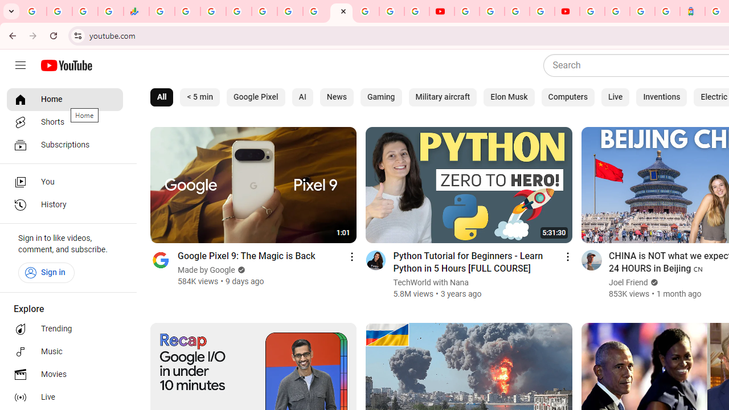  What do you see at coordinates (442, 97) in the screenshot?
I see `'Military aircraft'` at bounding box center [442, 97].